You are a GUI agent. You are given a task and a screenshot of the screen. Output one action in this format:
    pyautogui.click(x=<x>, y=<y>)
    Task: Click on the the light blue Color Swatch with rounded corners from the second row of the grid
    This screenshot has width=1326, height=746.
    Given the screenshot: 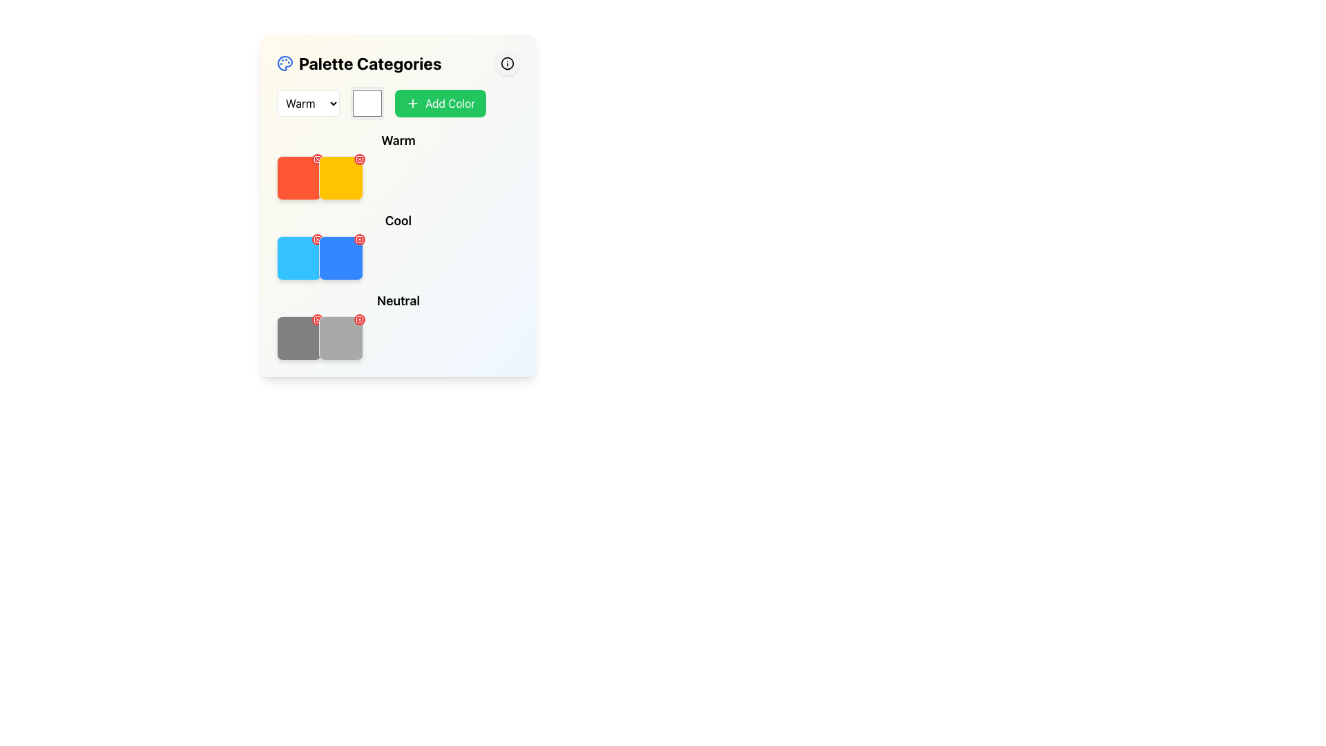 What is the action you would take?
    pyautogui.click(x=298, y=258)
    